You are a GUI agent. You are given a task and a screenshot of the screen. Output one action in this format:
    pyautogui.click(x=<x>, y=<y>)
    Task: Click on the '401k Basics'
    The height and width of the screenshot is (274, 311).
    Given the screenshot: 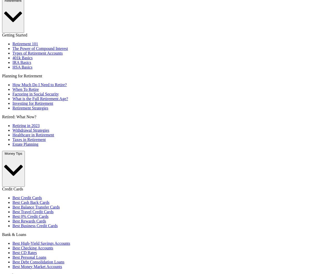 What is the action you would take?
    pyautogui.click(x=22, y=57)
    